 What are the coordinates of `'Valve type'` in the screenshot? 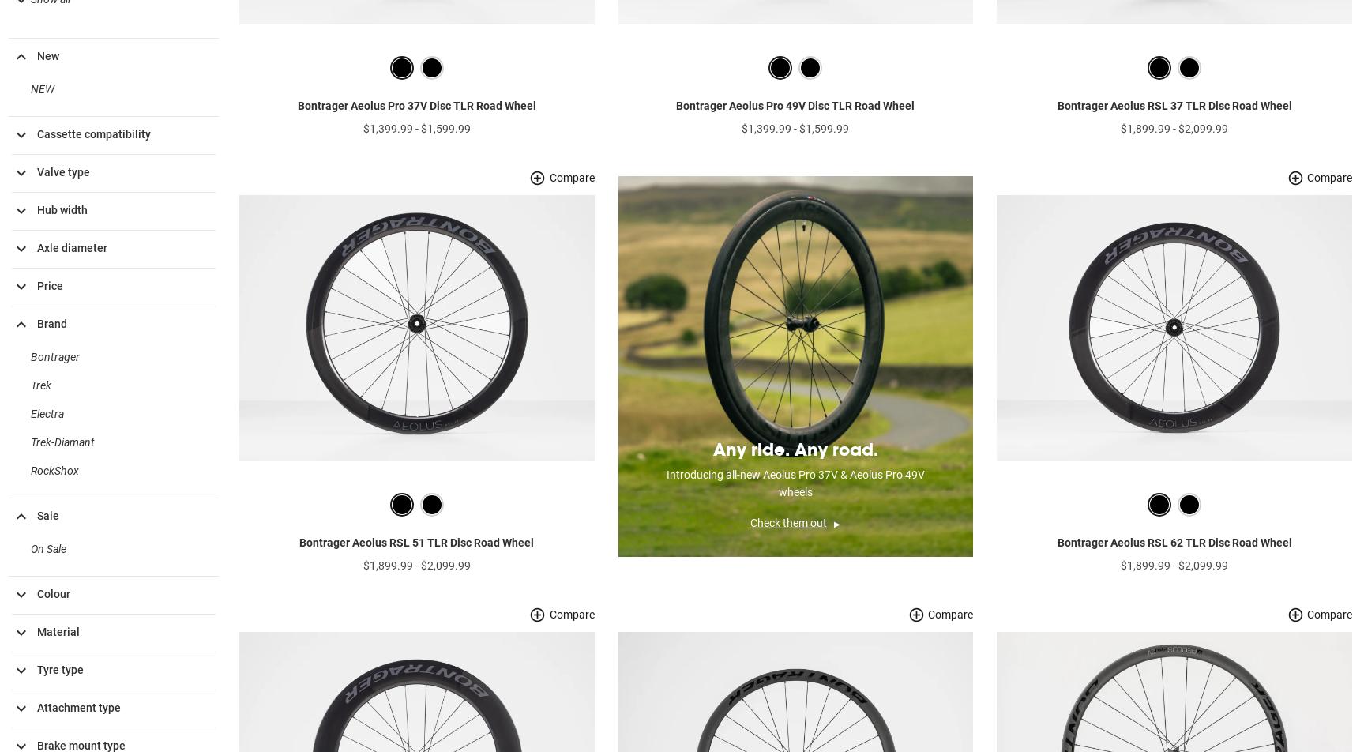 It's located at (36, 197).